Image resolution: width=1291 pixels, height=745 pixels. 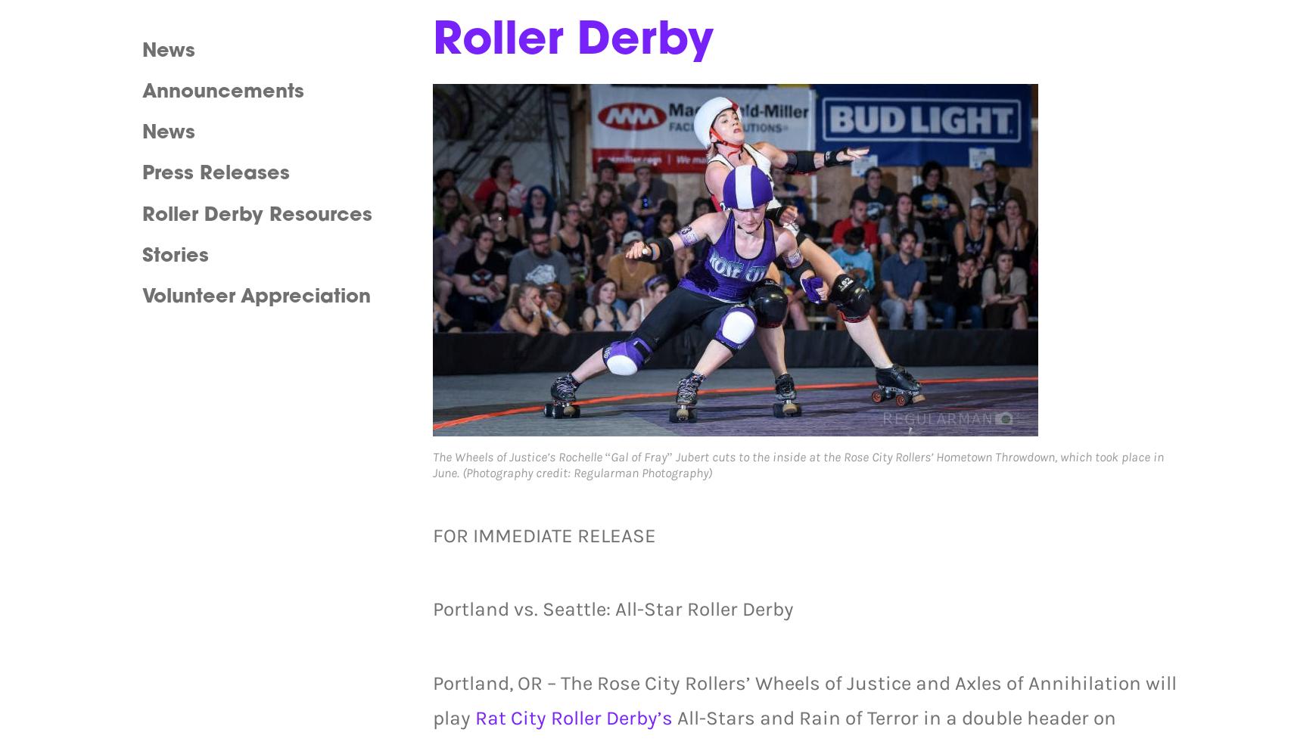 What do you see at coordinates (804, 700) in the screenshot?
I see `'Portland, OR – The Rose City Rollers’ Wheels of Justice and Axles of Annihilation will play'` at bounding box center [804, 700].